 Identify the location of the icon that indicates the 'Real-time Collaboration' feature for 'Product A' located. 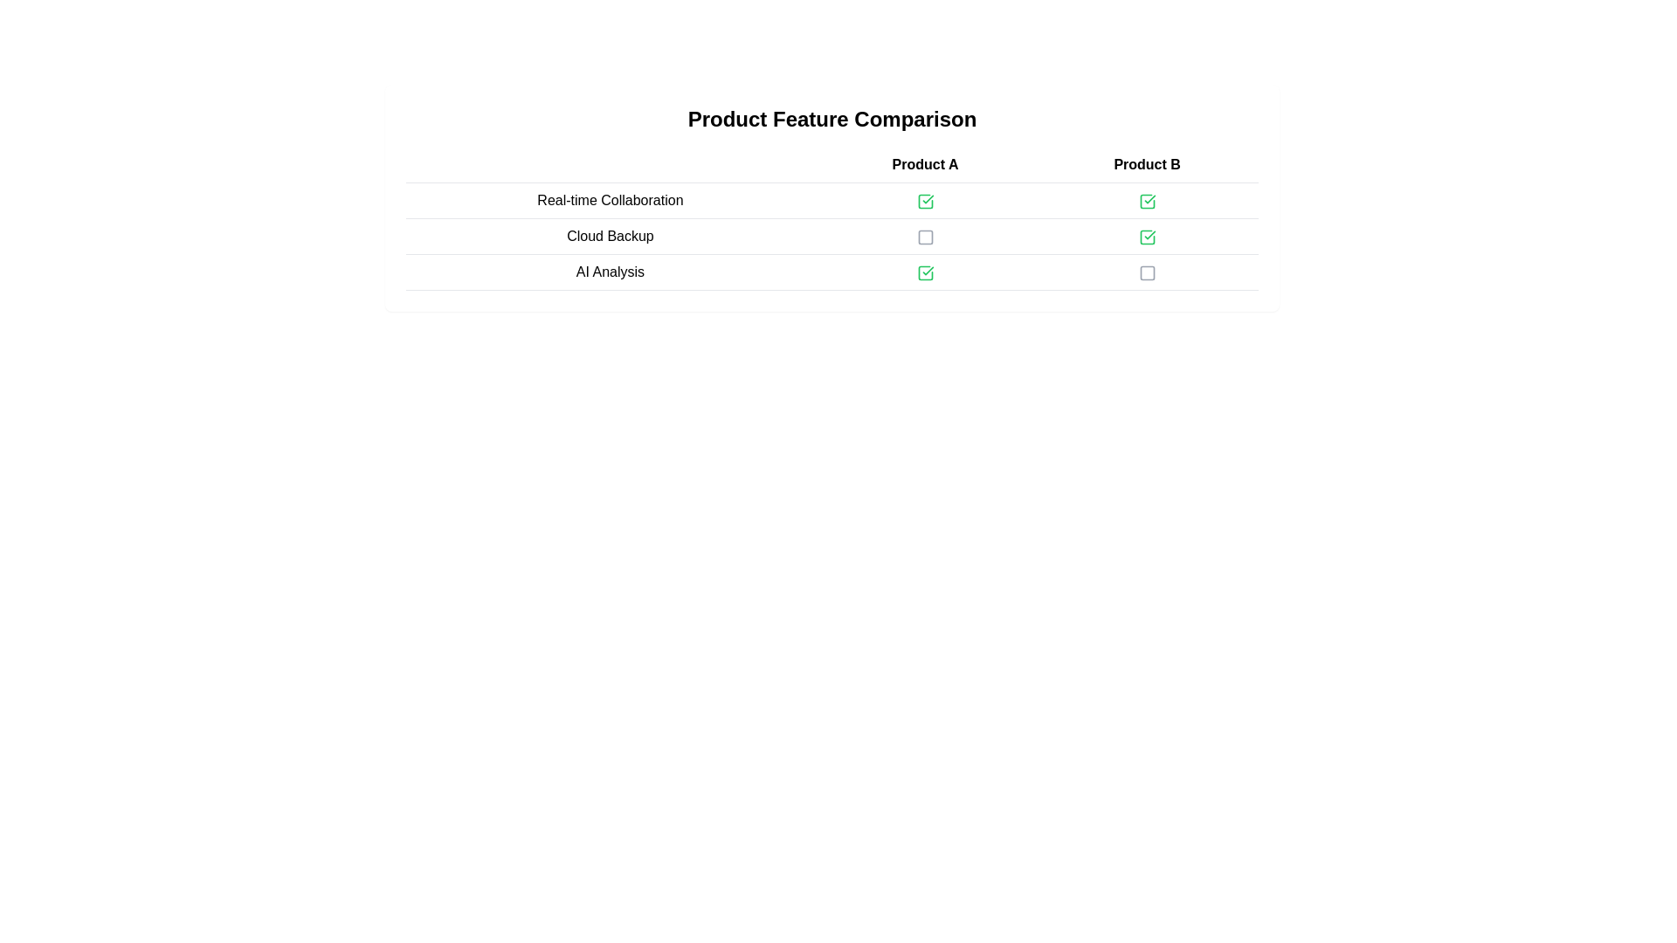
(924, 200).